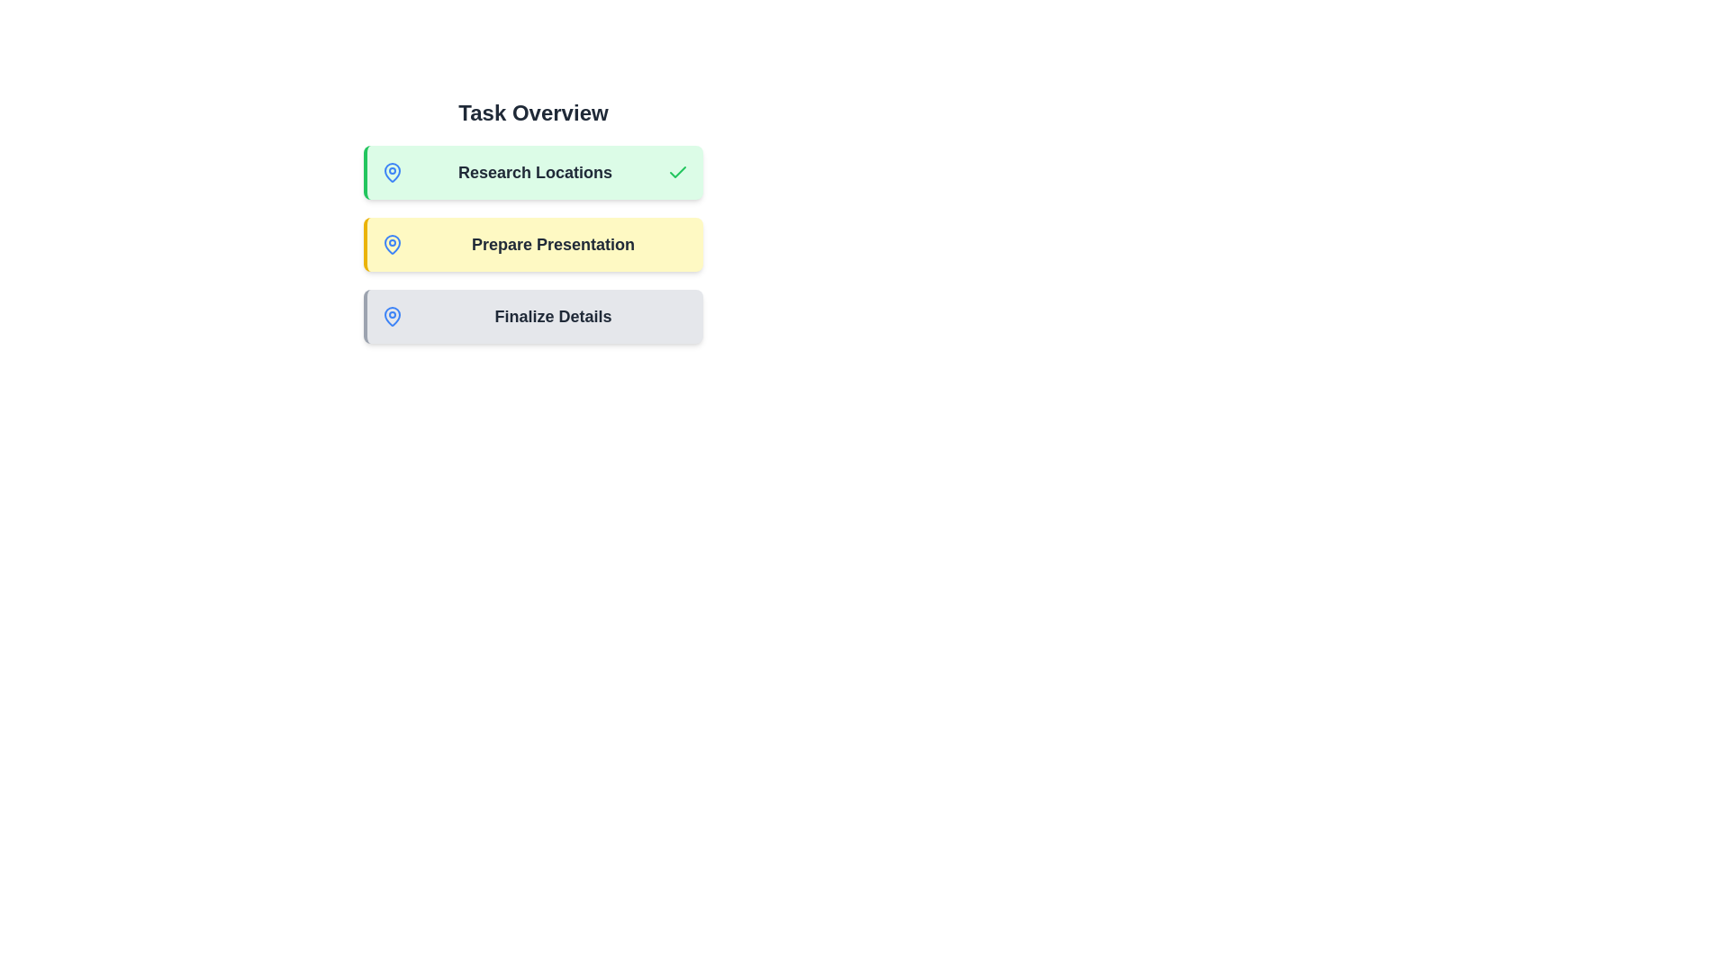  Describe the element at coordinates (392, 173) in the screenshot. I see `the status indicator icon on the task chip for Research Locations` at that location.